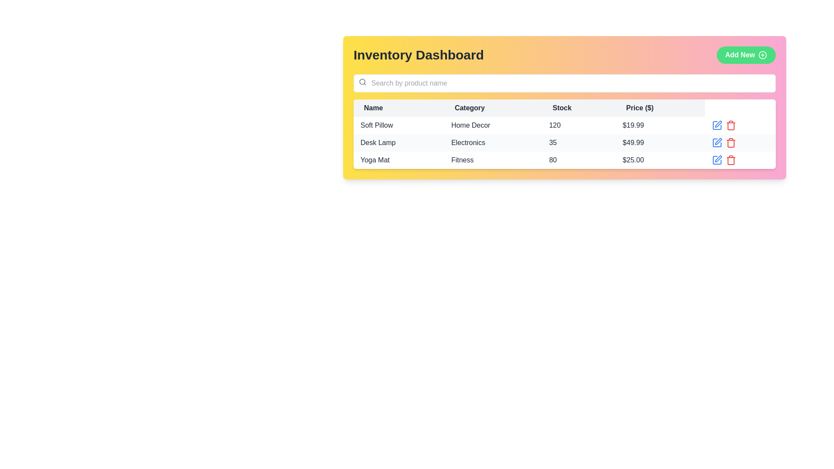 This screenshot has width=834, height=469. I want to click on the red trash bin icon in the last column of the third row, so click(731, 160).